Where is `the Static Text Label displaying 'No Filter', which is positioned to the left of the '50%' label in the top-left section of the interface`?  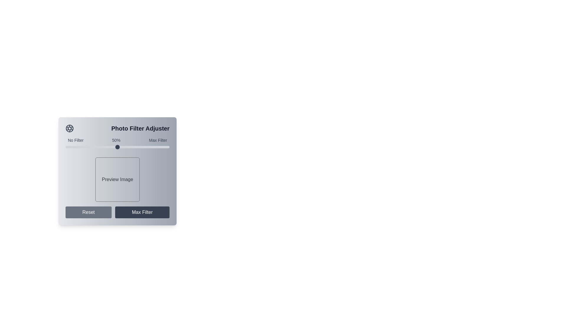 the Static Text Label displaying 'No Filter', which is positioned to the left of the '50%' label in the top-left section of the interface is located at coordinates (75, 140).